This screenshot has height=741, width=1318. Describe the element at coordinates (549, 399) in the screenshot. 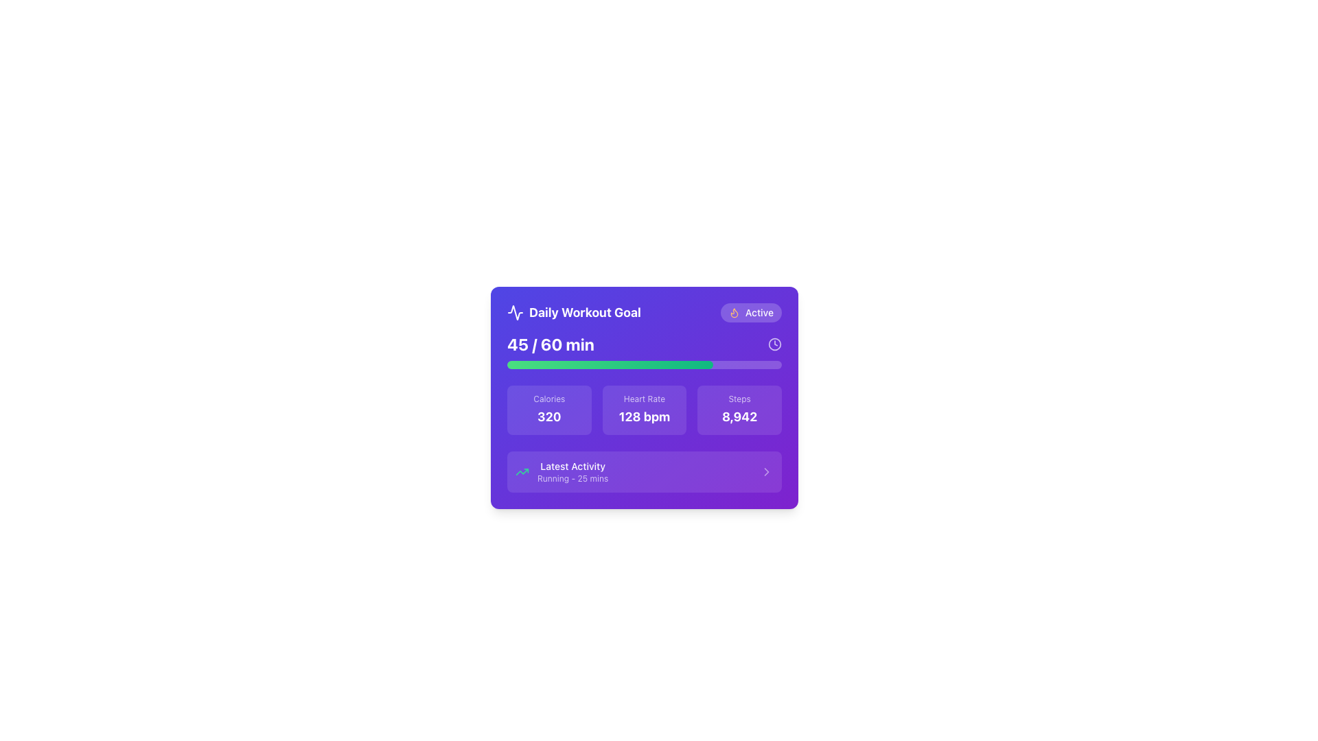

I see `the static text label displaying 'Calories' to trigger a tooltip or visual indicator` at that location.